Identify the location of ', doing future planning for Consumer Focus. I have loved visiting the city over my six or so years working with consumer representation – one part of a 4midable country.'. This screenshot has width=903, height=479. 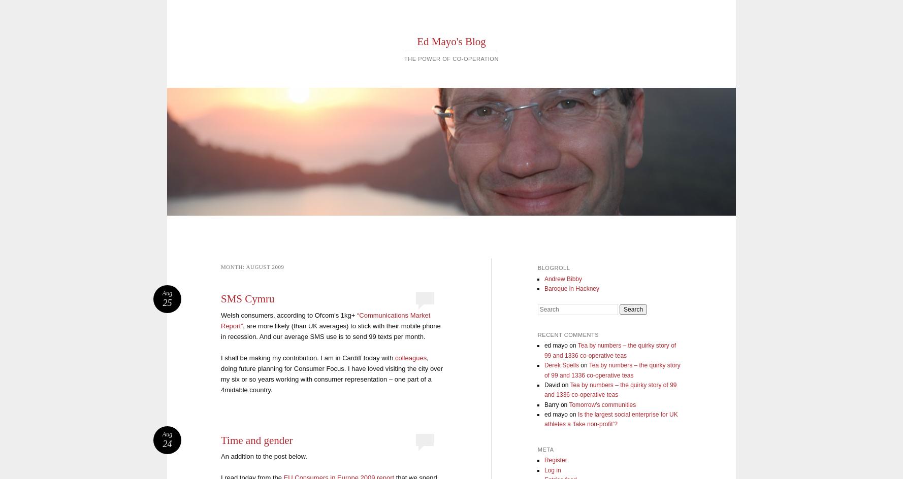
(221, 373).